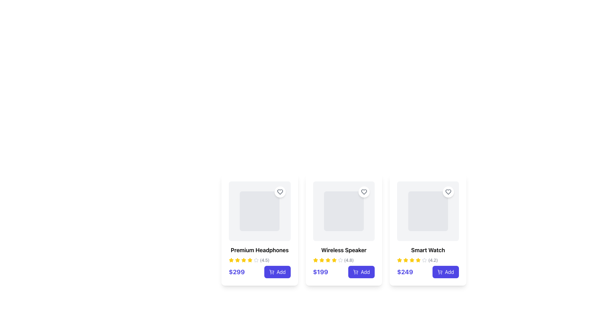 This screenshot has width=597, height=335. Describe the element at coordinates (406, 260) in the screenshot. I see `the yellow star icon, which is the second star from the left in the rating row for the 'Smart Watch' product card` at that location.